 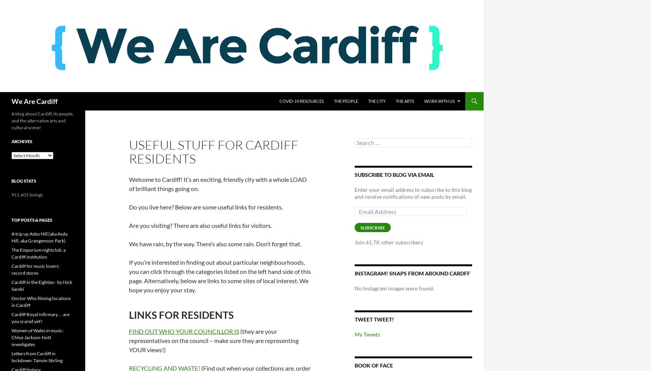 I want to click on 'Cardiff in the Eighties - by Nick Sarebi', so click(x=12, y=285).